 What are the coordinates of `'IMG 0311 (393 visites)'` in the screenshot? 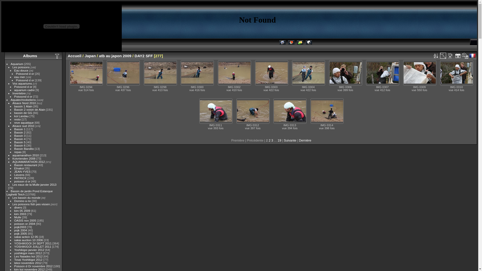 It's located at (216, 111).